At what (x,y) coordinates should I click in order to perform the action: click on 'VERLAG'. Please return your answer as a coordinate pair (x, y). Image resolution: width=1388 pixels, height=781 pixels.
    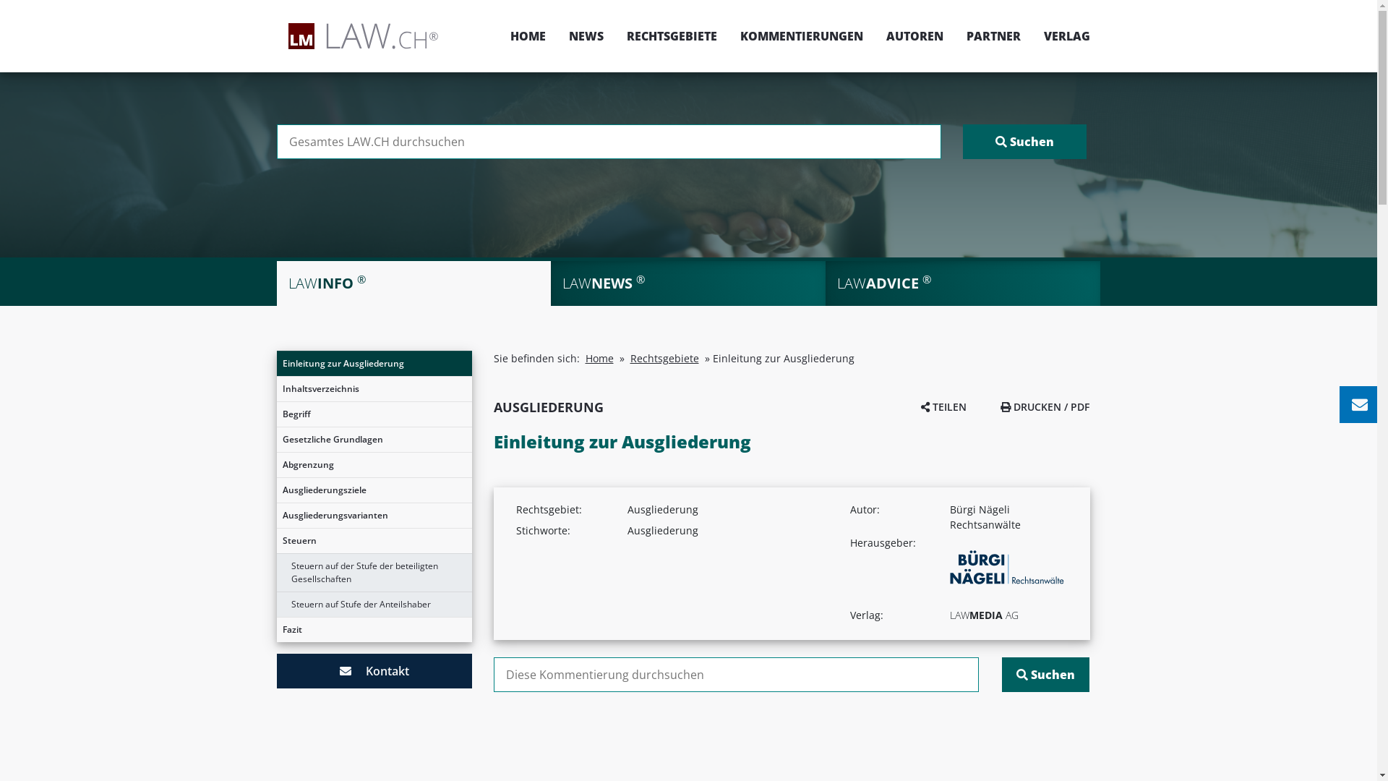
    Looking at the image, I should click on (1061, 35).